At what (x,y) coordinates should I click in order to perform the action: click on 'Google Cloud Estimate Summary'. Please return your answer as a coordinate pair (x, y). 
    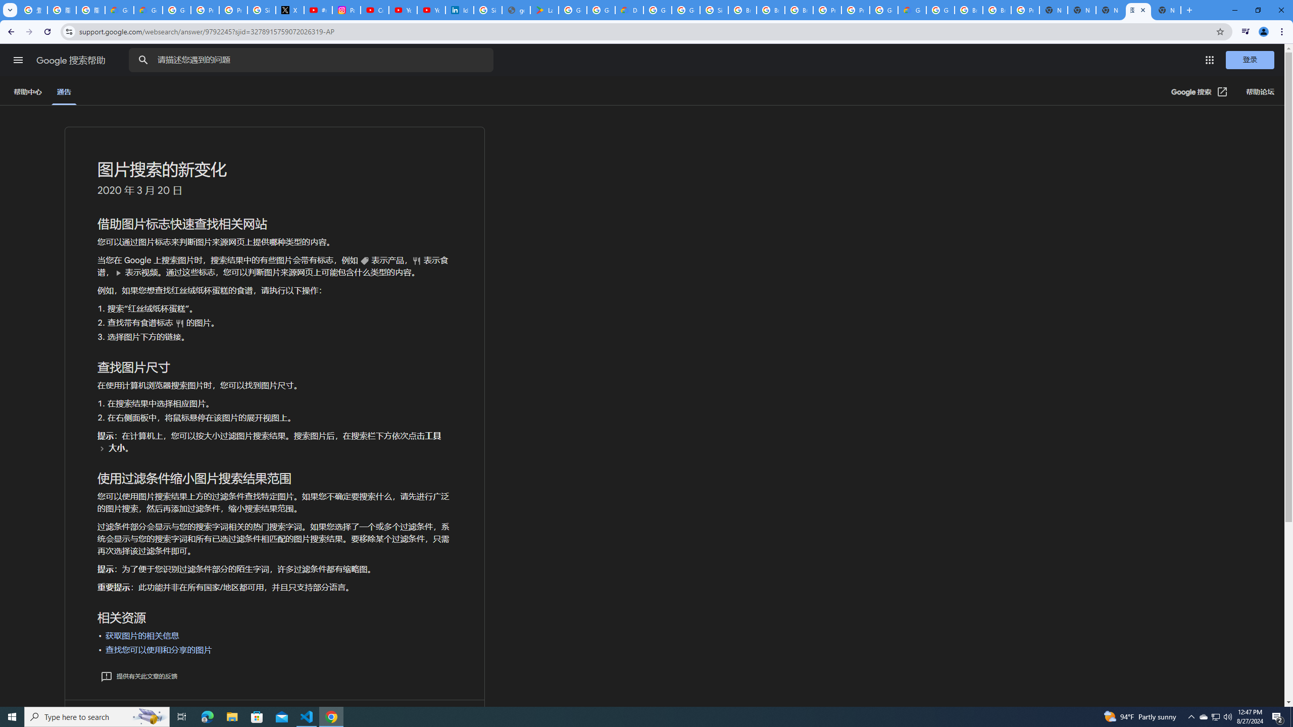
    Looking at the image, I should click on (912, 10).